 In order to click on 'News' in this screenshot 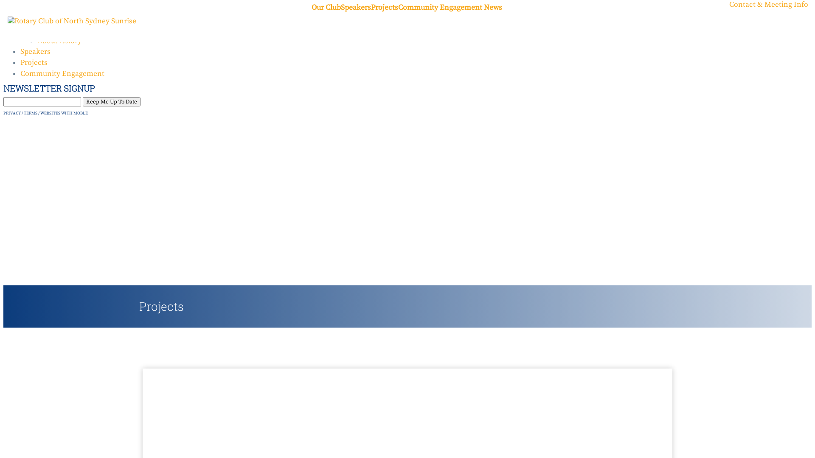, I will do `click(46, 29)`.